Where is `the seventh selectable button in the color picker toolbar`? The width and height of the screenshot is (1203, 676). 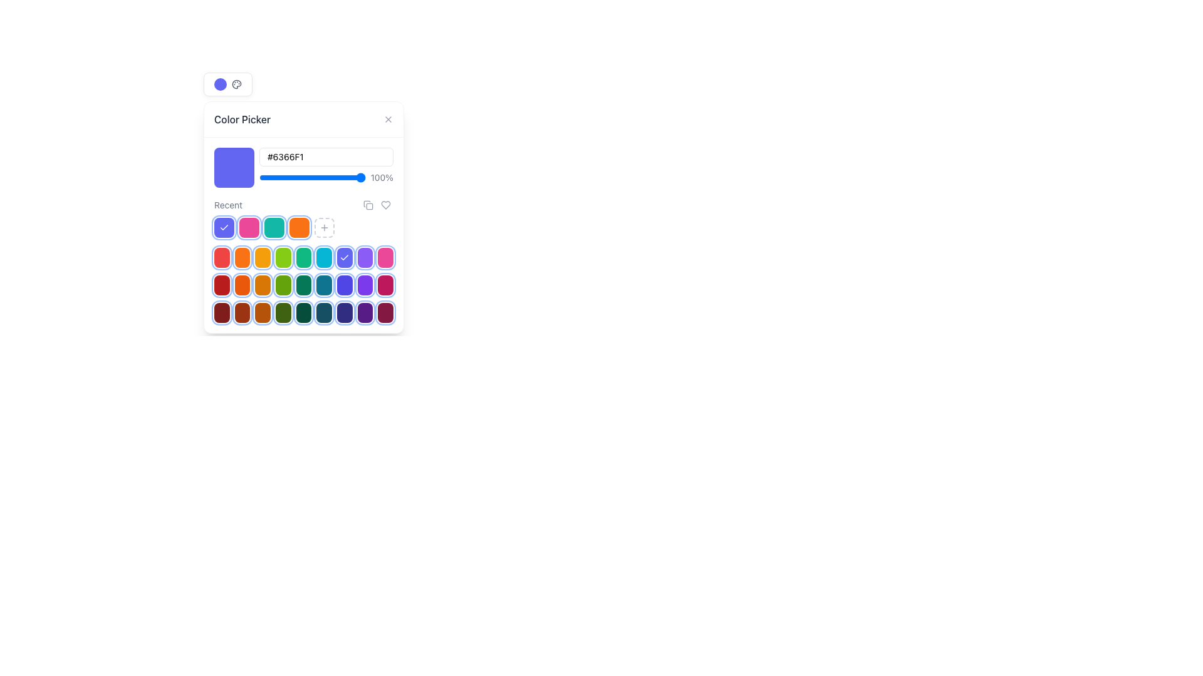 the seventh selectable button in the color picker toolbar is located at coordinates (345, 257).